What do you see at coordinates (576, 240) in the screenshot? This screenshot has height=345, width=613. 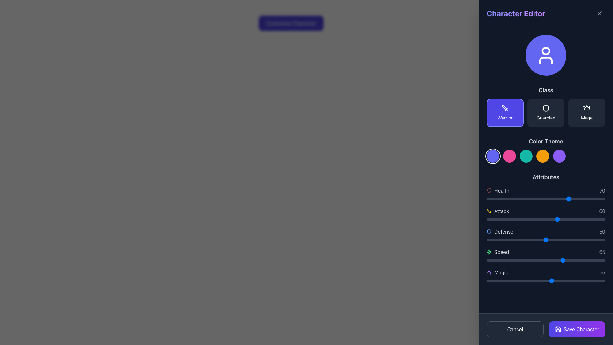 I see `the defense level` at bounding box center [576, 240].